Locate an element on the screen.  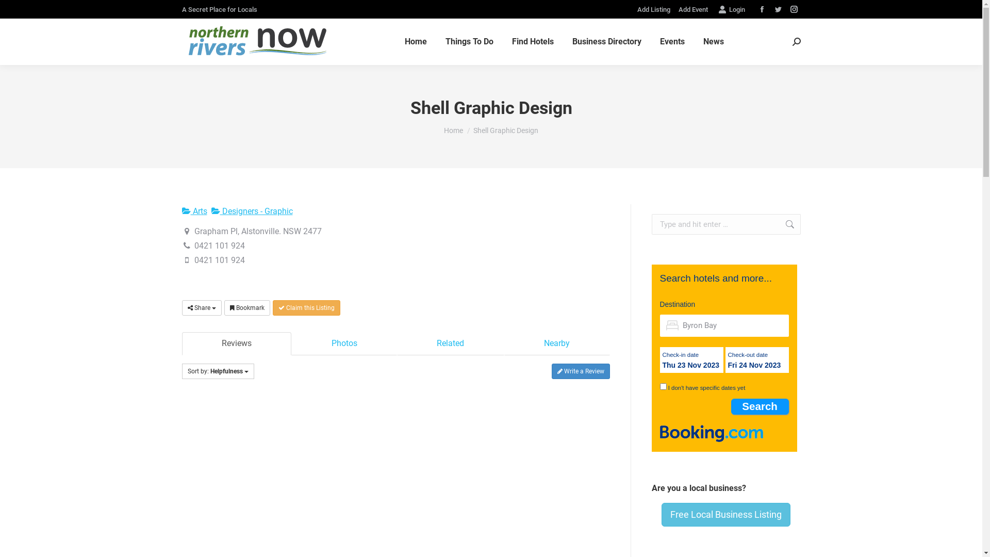
'News' is located at coordinates (713, 41).